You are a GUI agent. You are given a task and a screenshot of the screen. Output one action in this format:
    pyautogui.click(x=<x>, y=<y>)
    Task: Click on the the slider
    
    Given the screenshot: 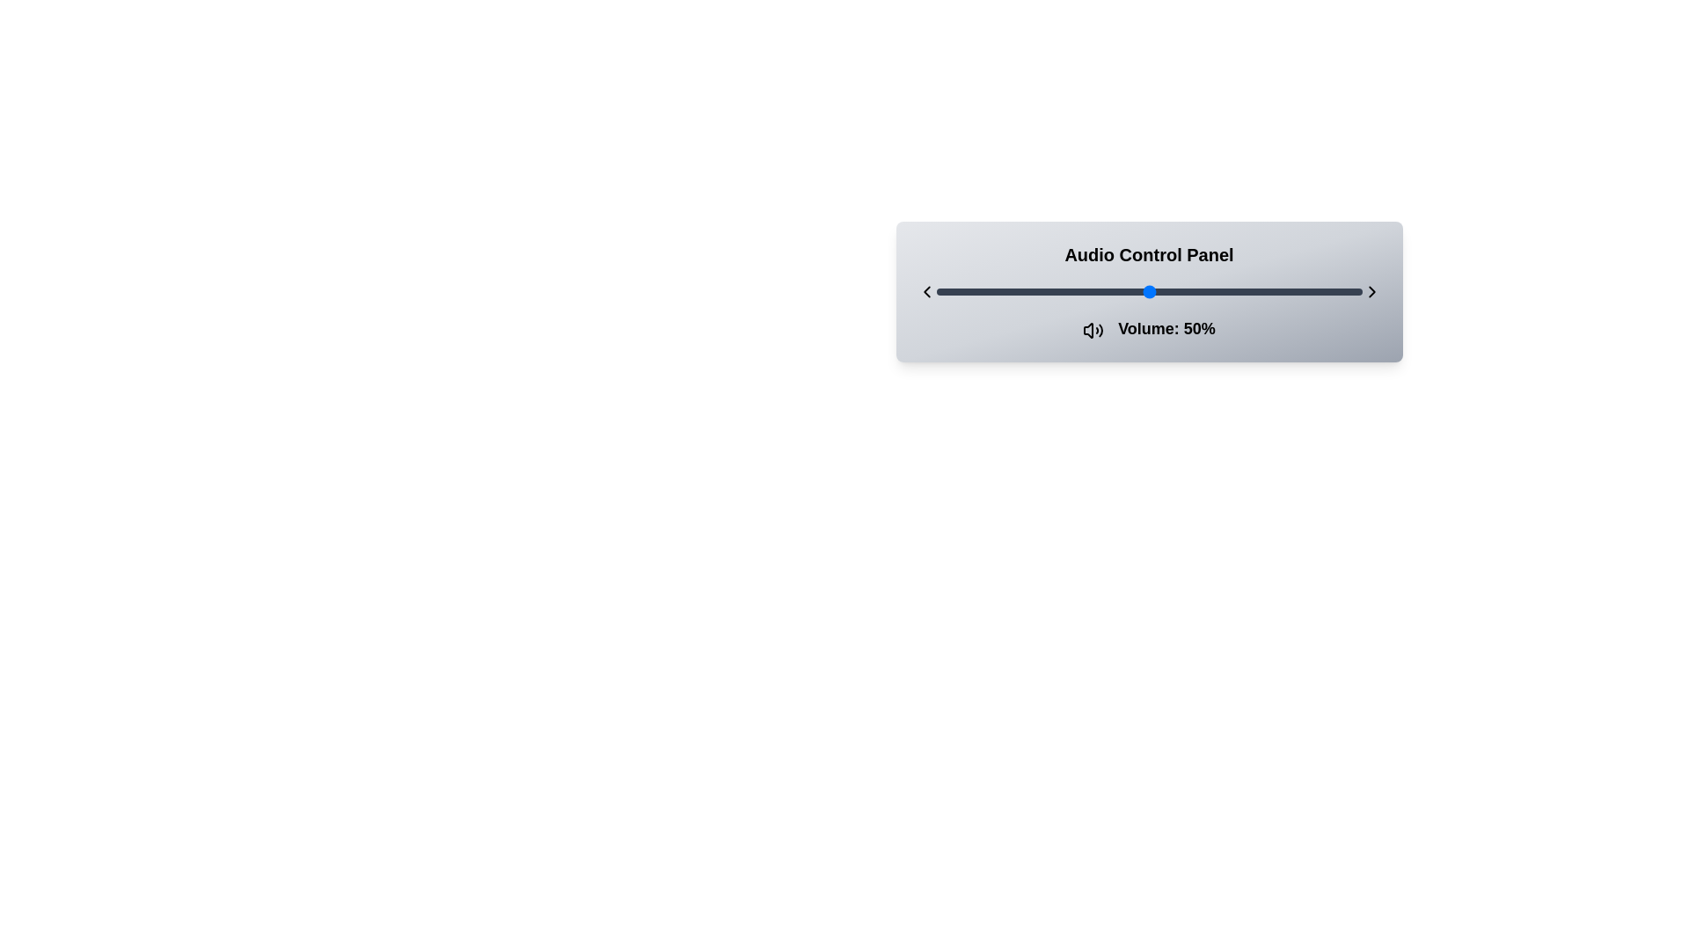 What is the action you would take?
    pyautogui.click(x=1030, y=290)
    